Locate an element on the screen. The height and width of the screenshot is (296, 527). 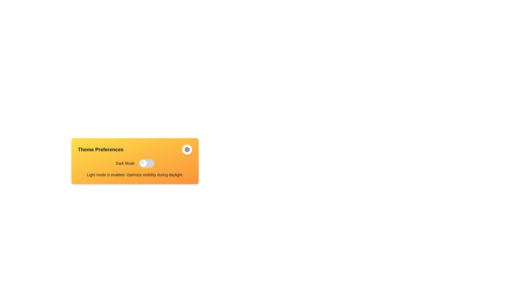
the label indicating the purpose of the toggle action in the 'Theme Preferences' section, located to the left of the toggle switch is located at coordinates (125, 163).